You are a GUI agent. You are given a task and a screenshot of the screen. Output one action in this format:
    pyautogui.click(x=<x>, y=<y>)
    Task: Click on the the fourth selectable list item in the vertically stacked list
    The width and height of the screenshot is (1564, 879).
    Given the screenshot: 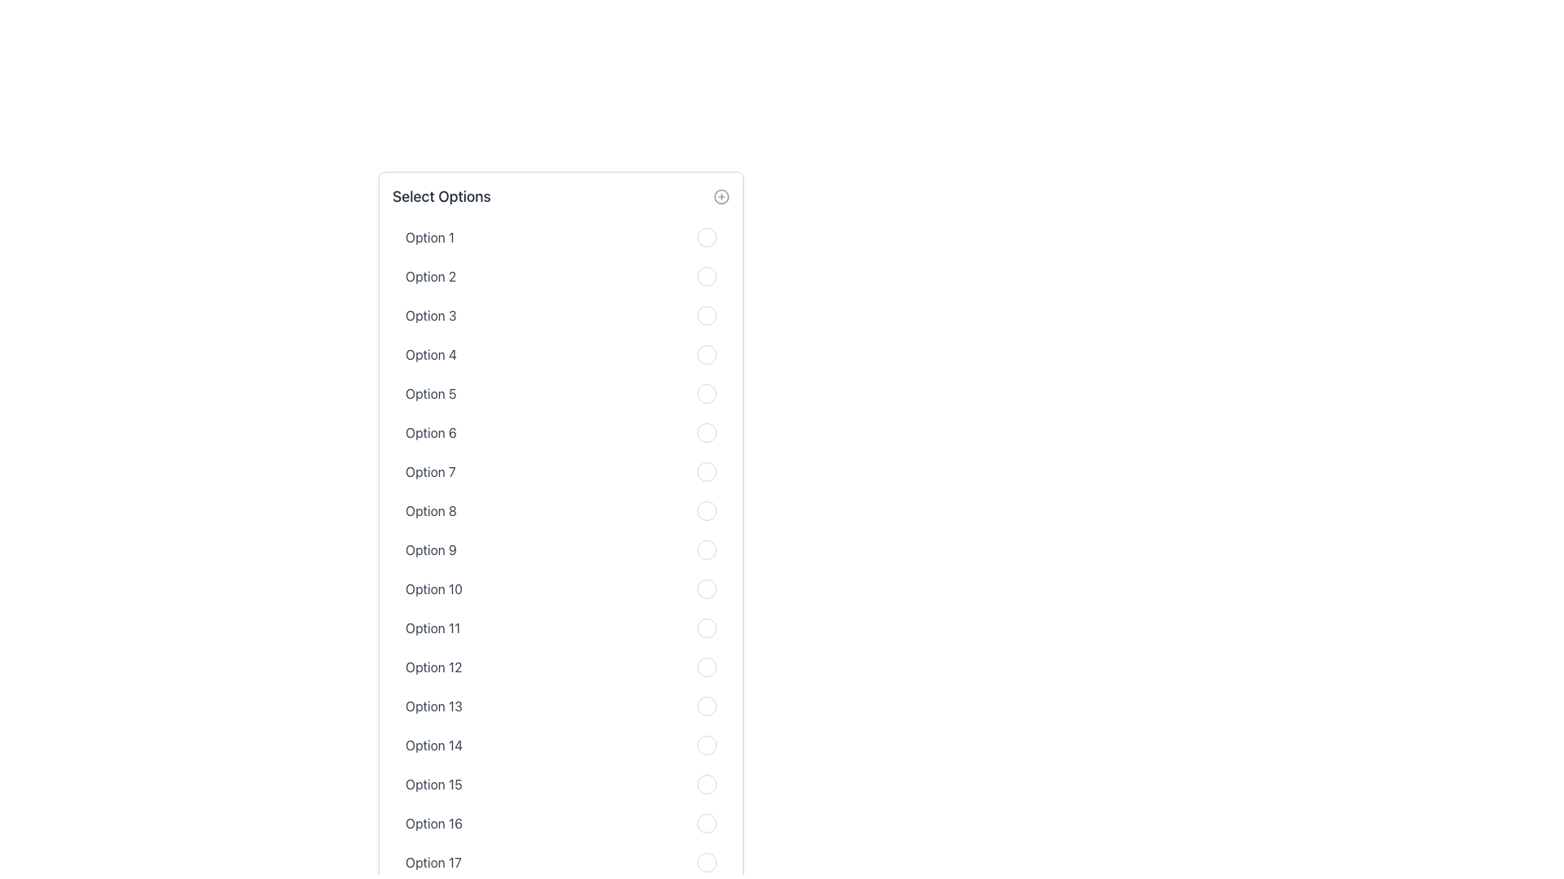 What is the action you would take?
    pyautogui.click(x=561, y=353)
    